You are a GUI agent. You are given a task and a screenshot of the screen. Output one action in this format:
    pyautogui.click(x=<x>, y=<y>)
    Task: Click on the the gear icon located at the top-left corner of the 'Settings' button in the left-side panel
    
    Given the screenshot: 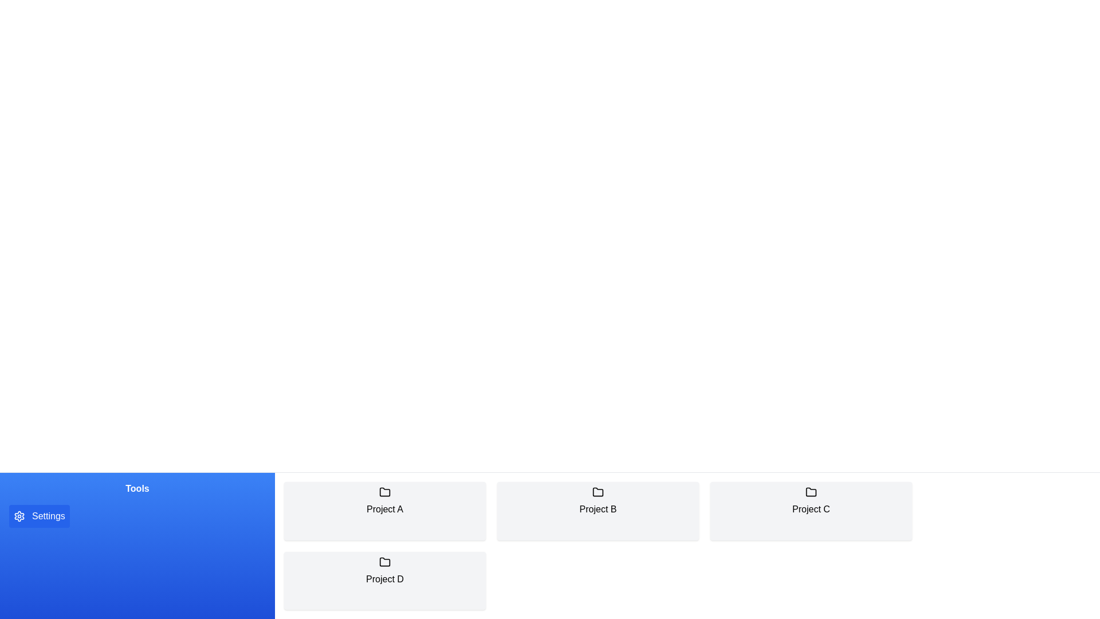 What is the action you would take?
    pyautogui.click(x=19, y=516)
    